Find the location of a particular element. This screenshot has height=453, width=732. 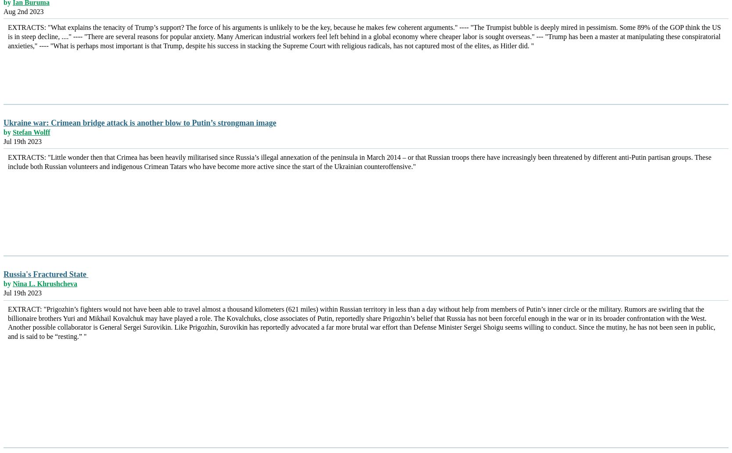

'Ukraine war: Crimean bridge attack is another blow to Putin’s strongman image' is located at coordinates (4, 122).